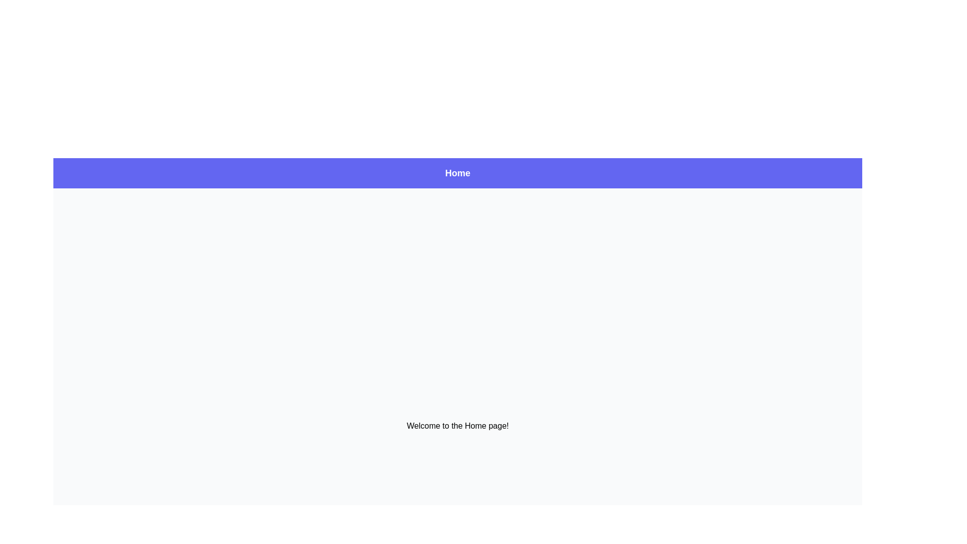 The width and height of the screenshot is (967, 544). What do you see at coordinates (457, 426) in the screenshot?
I see `the welcoming message text displayed at the center of the home page` at bounding box center [457, 426].